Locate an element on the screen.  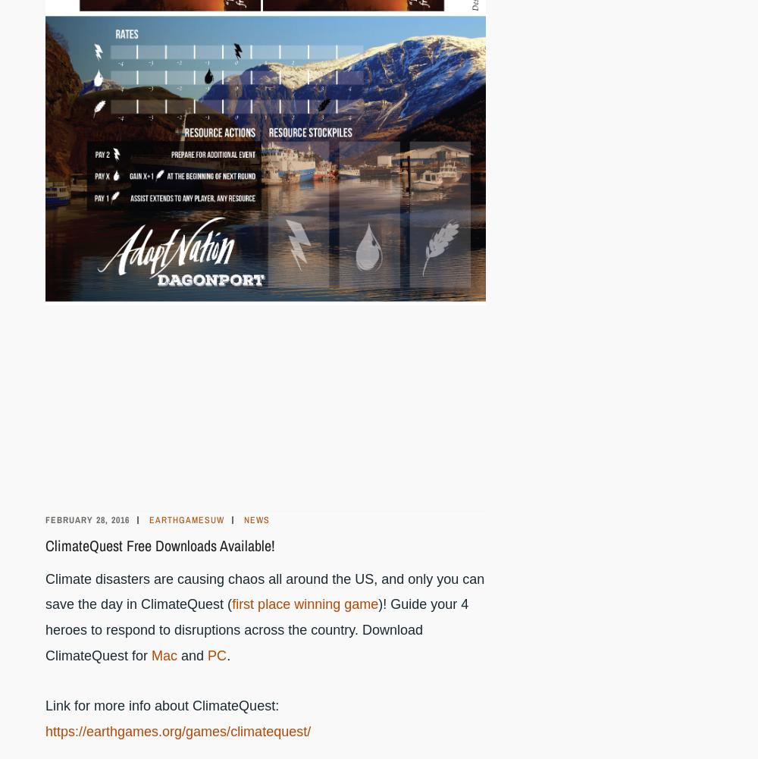
'Climate disasters are causing chaos all around the US, and only you can save the day in ClimateQuest (' is located at coordinates (264, 591).